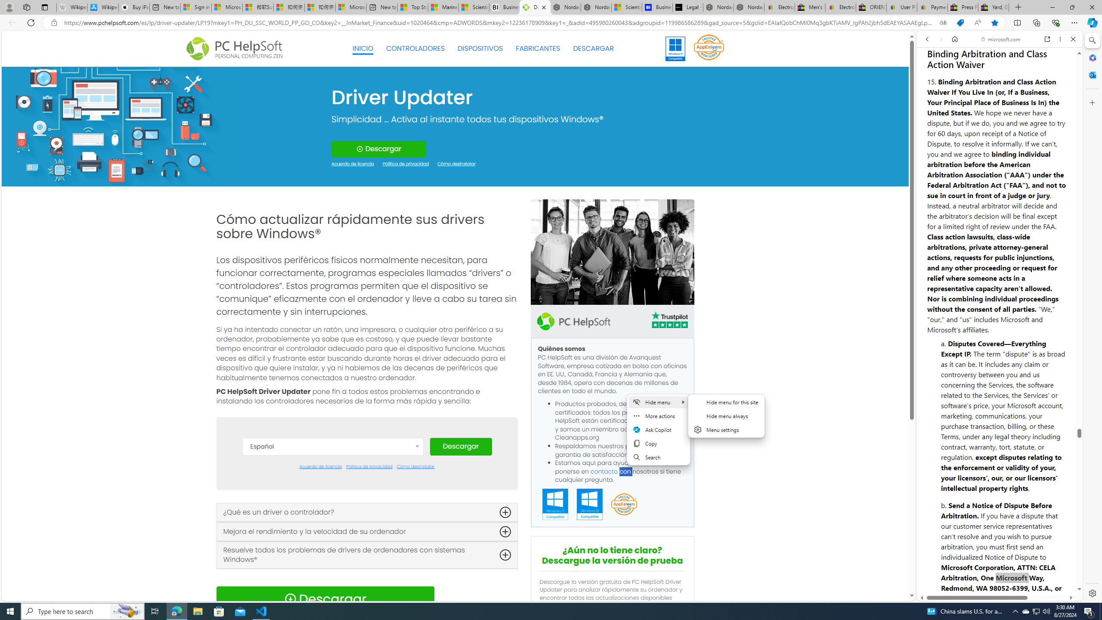 The height and width of the screenshot is (620, 1102). Describe the element at coordinates (555, 504) in the screenshot. I see `'Windows 11 Compatible'` at that location.